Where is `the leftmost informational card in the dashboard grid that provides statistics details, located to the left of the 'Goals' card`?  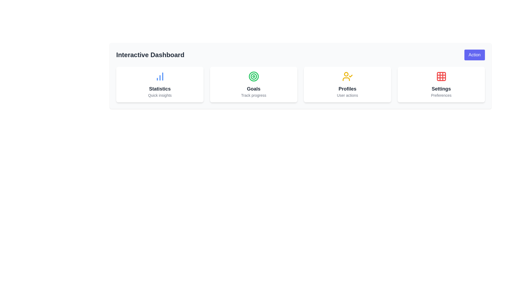 the leftmost informational card in the dashboard grid that provides statistics details, located to the left of the 'Goals' card is located at coordinates (159, 84).